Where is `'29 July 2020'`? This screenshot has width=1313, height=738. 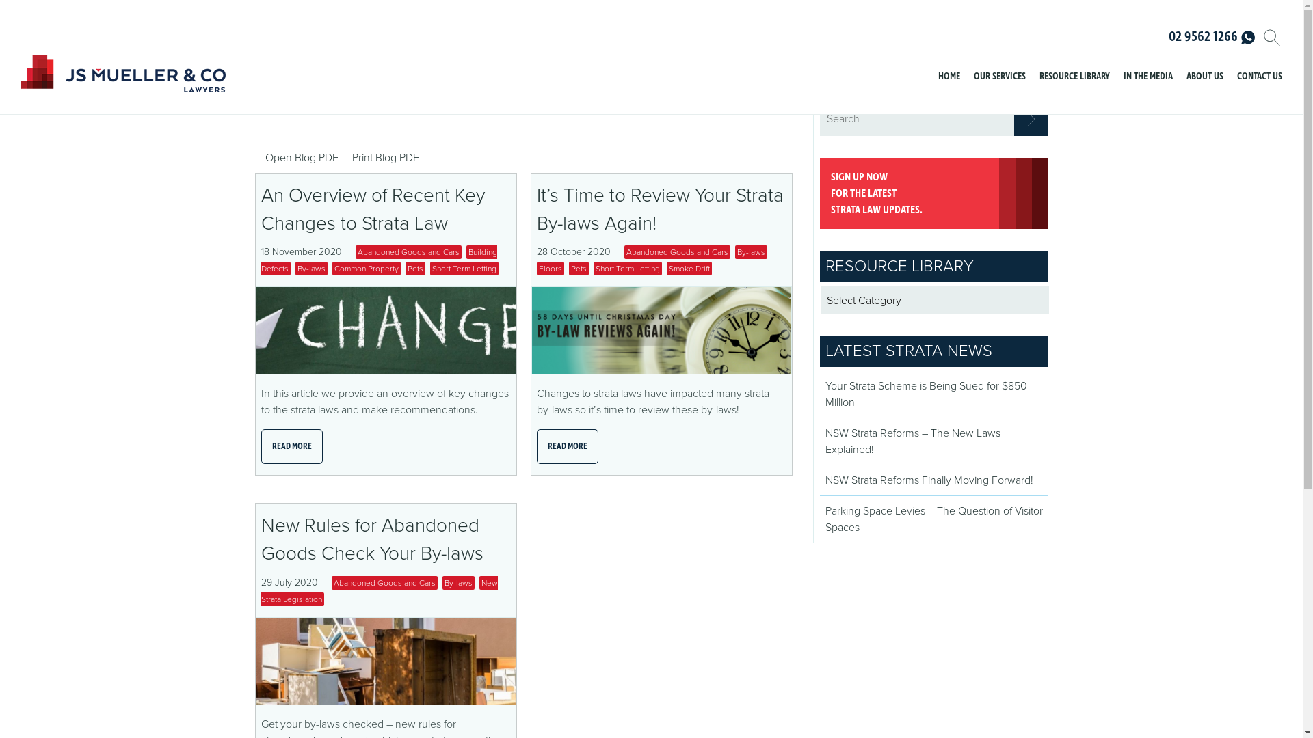
'29 July 2020' is located at coordinates (295, 582).